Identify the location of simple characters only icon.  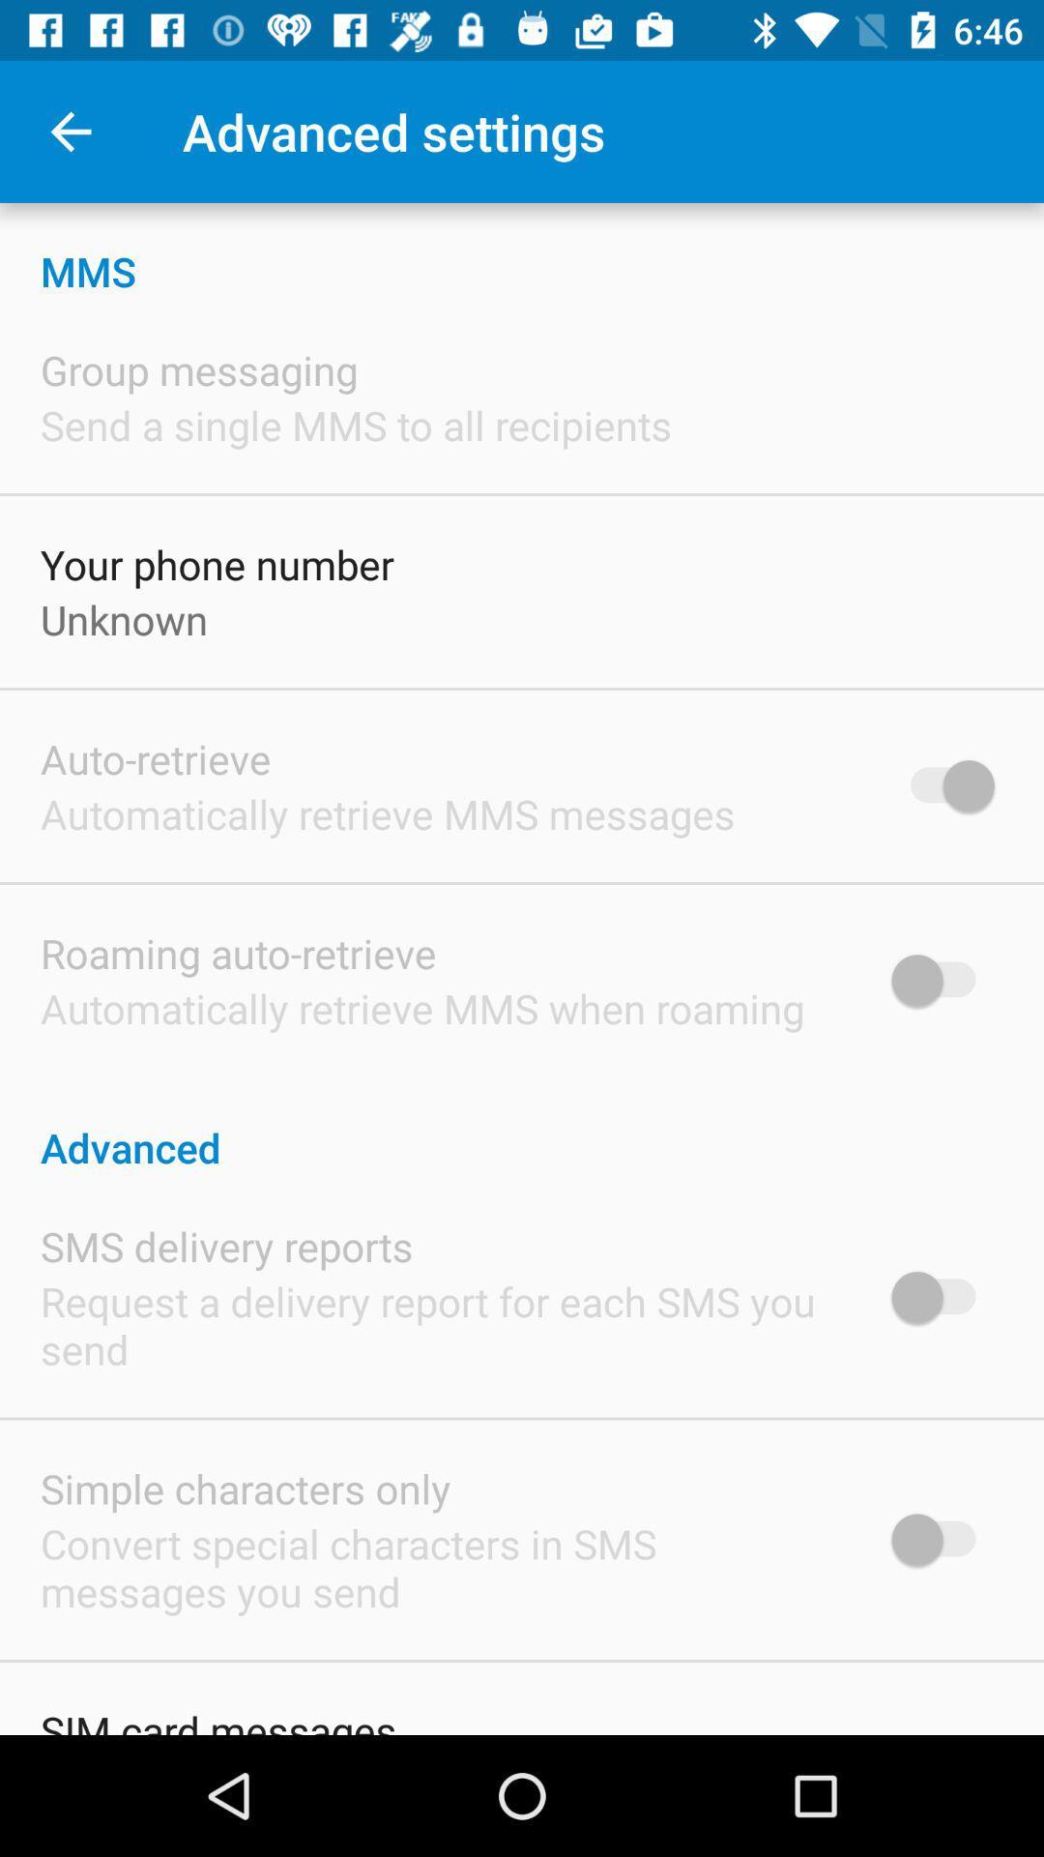
(245, 1488).